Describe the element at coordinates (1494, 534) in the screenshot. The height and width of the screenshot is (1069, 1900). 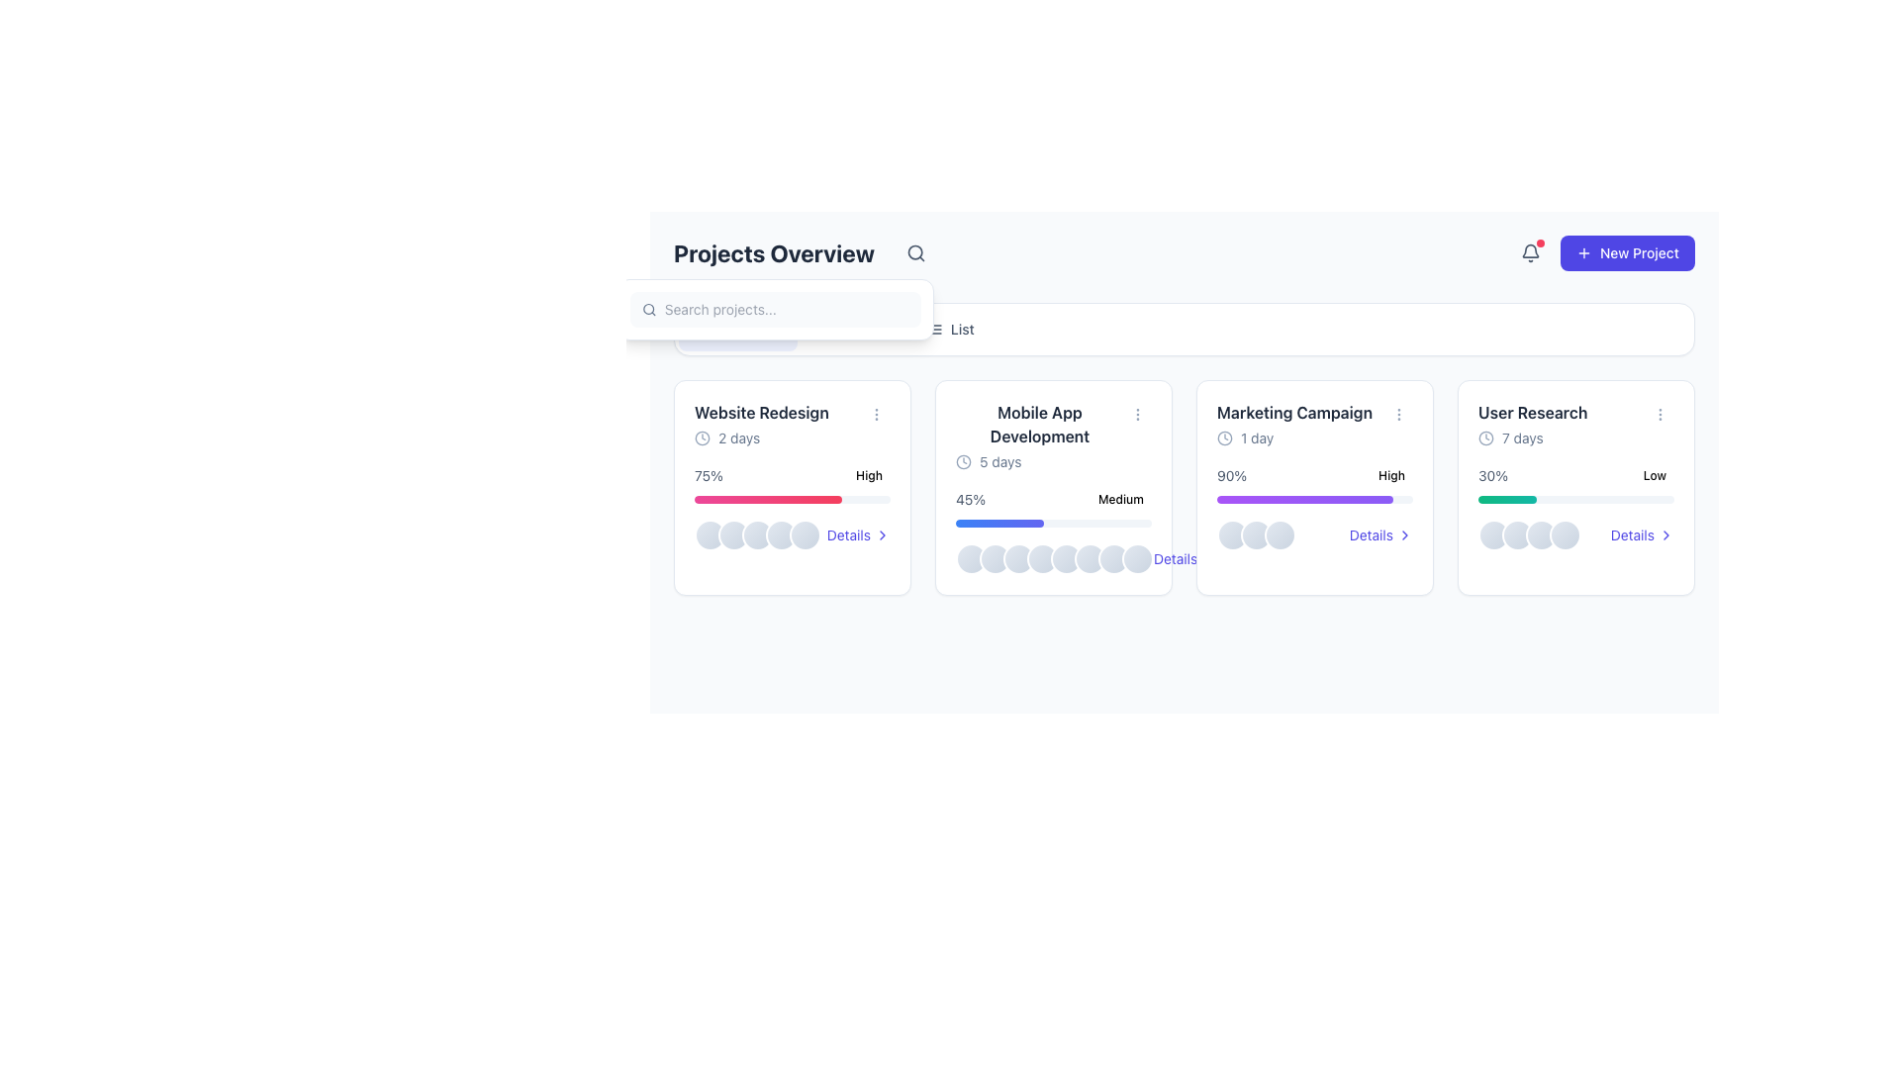
I see `the leftmost circular icon with a smooth gradient background and a thin white border in the 'User Research' project's progress section` at that location.